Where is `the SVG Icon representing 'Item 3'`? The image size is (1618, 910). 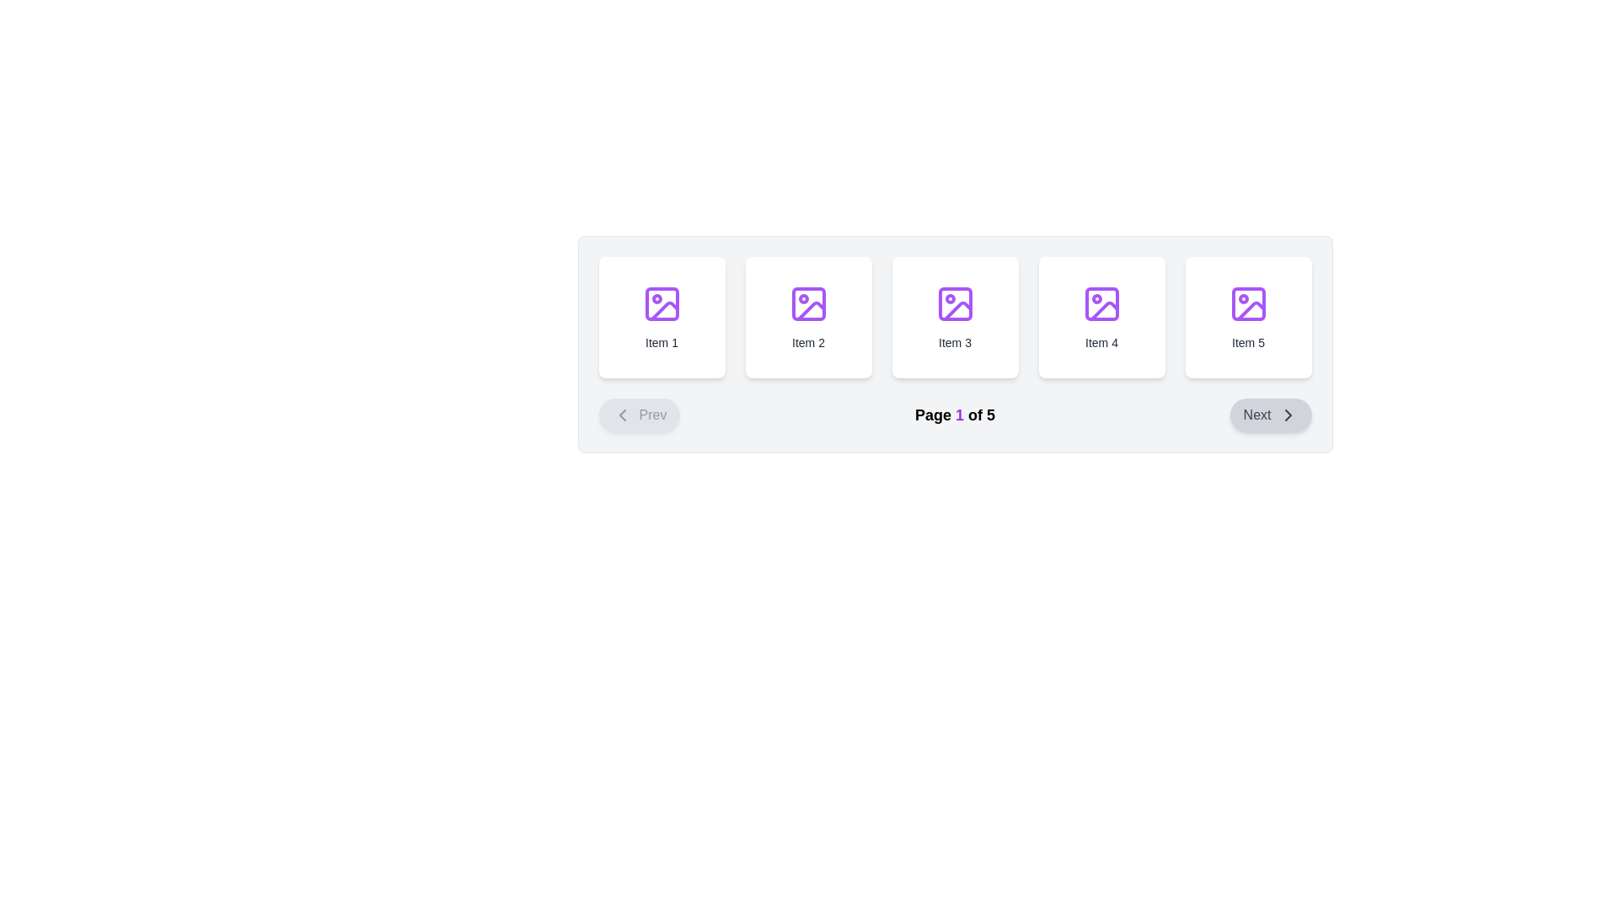 the SVG Icon representing 'Item 3' is located at coordinates (955, 304).